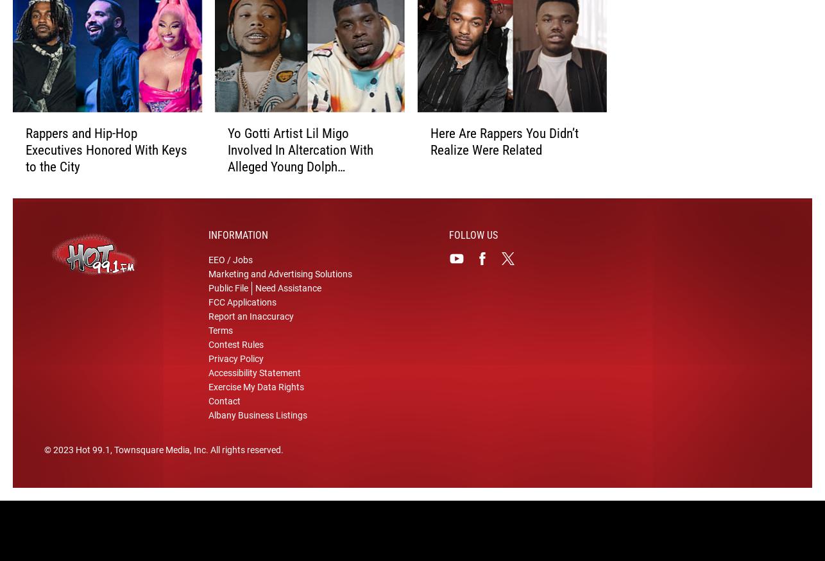 This screenshot has height=561, width=825. I want to click on 'Here Are Rappers You Didn’t Realize Were Related', so click(430, 148).